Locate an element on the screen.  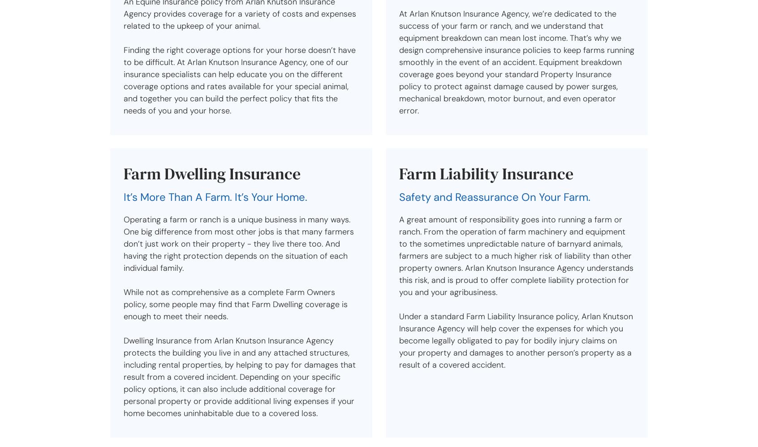
'While not as comprehensive as a complete Farm Owners policy, some people may find that Farm Dwelling coverage is enough to meet their needs.' is located at coordinates (236, 304).